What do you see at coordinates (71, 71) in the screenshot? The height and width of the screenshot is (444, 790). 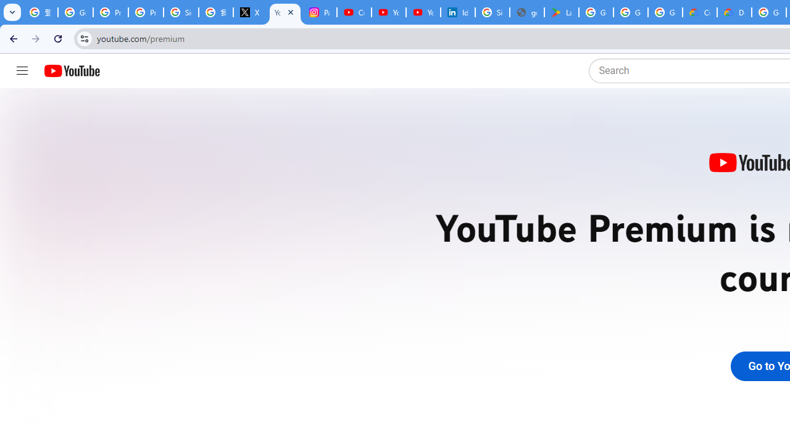 I see `'YouTube Home'` at bounding box center [71, 71].